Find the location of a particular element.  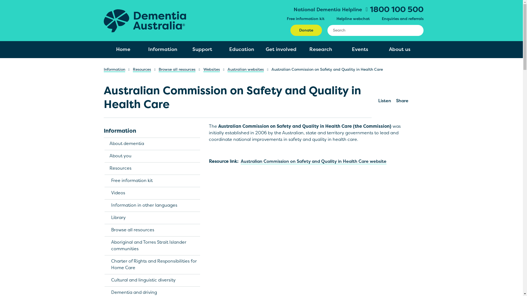

'National Dementia Helpline' is located at coordinates (293, 10).